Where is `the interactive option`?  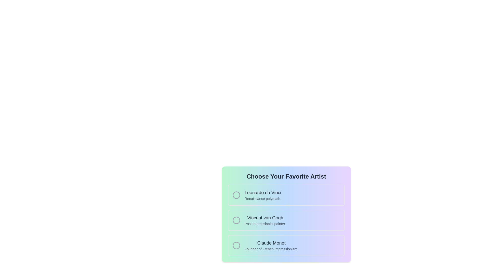
the interactive option is located at coordinates (286, 212).